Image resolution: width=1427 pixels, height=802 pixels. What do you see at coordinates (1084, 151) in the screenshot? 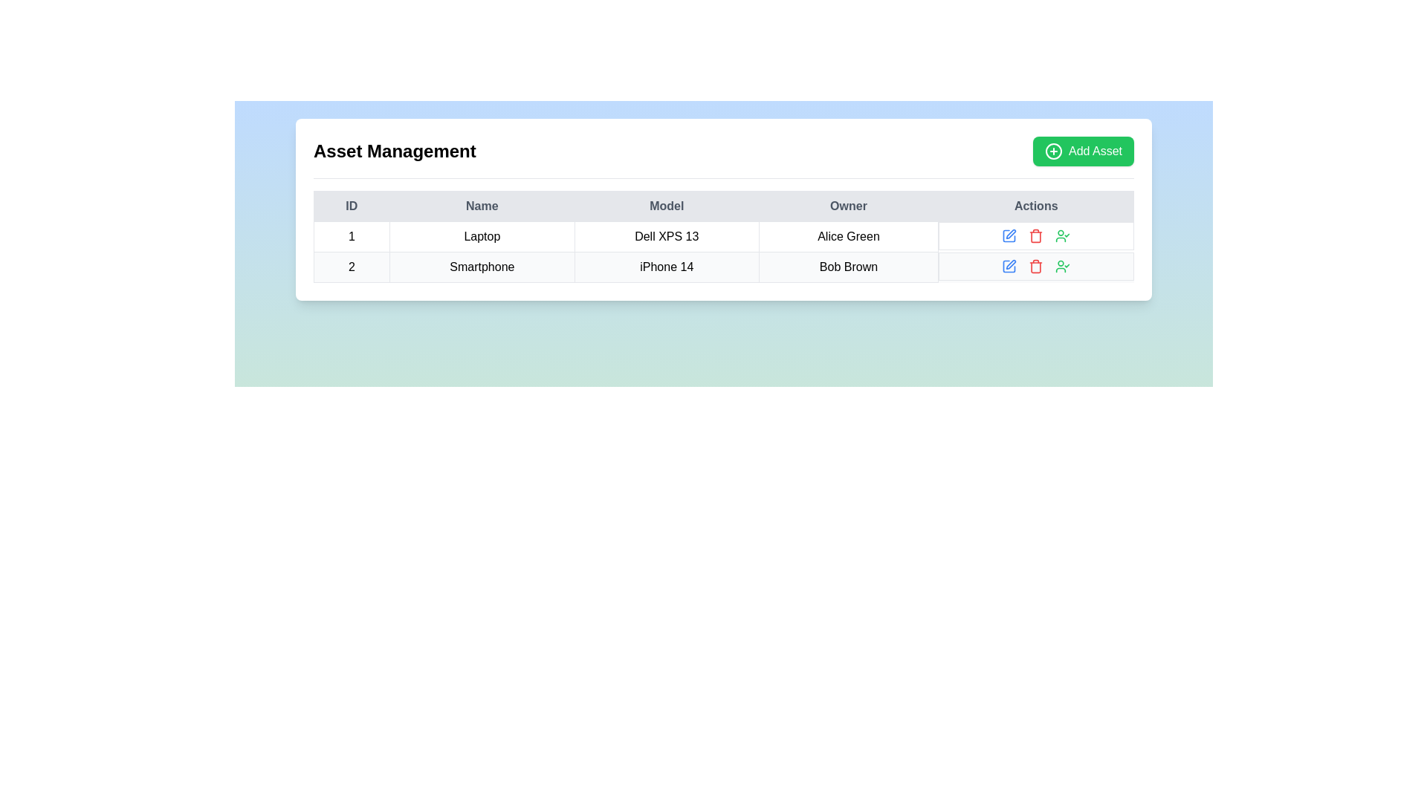
I see `the green 'Add Asset' button with rounded corners and a plus icon to trigger visual feedback` at bounding box center [1084, 151].